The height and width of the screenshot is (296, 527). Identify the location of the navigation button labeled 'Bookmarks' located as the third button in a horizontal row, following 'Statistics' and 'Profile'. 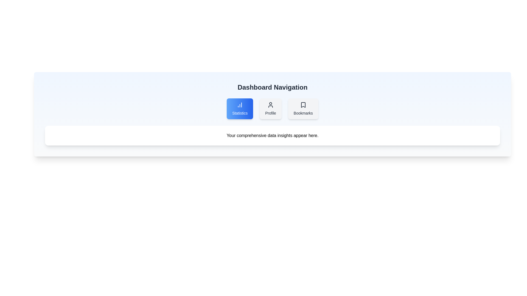
(303, 109).